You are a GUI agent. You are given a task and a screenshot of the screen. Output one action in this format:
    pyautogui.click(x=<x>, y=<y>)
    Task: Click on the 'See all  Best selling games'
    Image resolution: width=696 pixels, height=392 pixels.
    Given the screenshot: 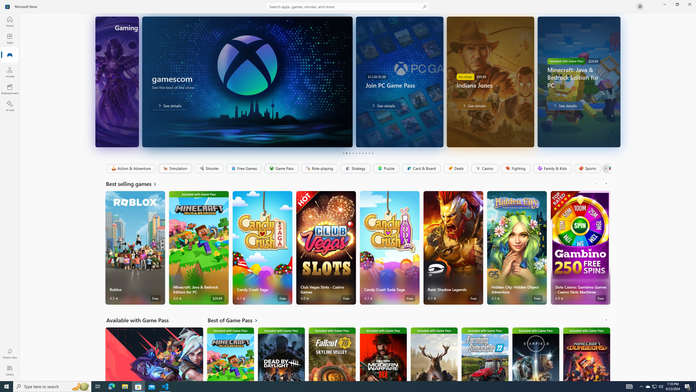 What is the action you would take?
    pyautogui.click(x=134, y=183)
    